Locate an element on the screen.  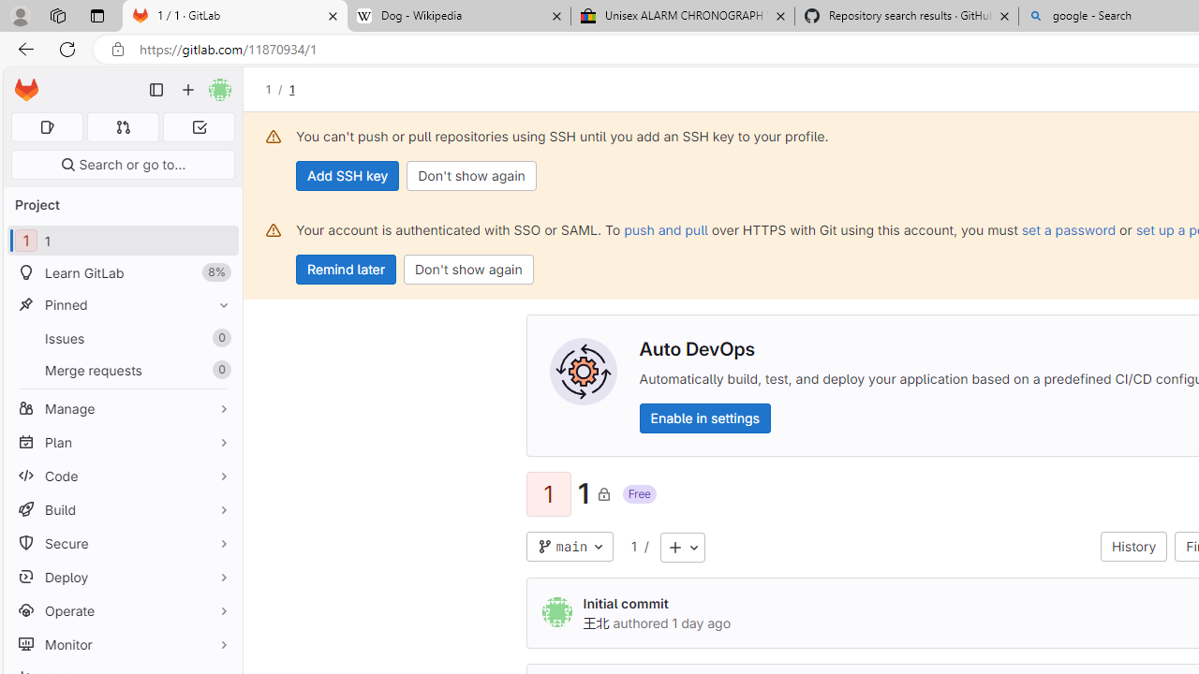
'Deploy' is located at coordinates (122, 576).